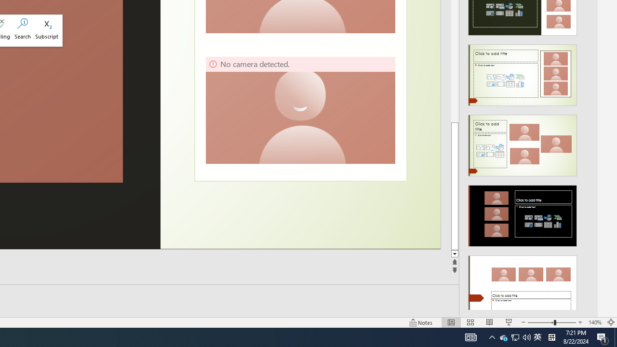 The image size is (617, 347). I want to click on 'Zoom Out', so click(540, 322).